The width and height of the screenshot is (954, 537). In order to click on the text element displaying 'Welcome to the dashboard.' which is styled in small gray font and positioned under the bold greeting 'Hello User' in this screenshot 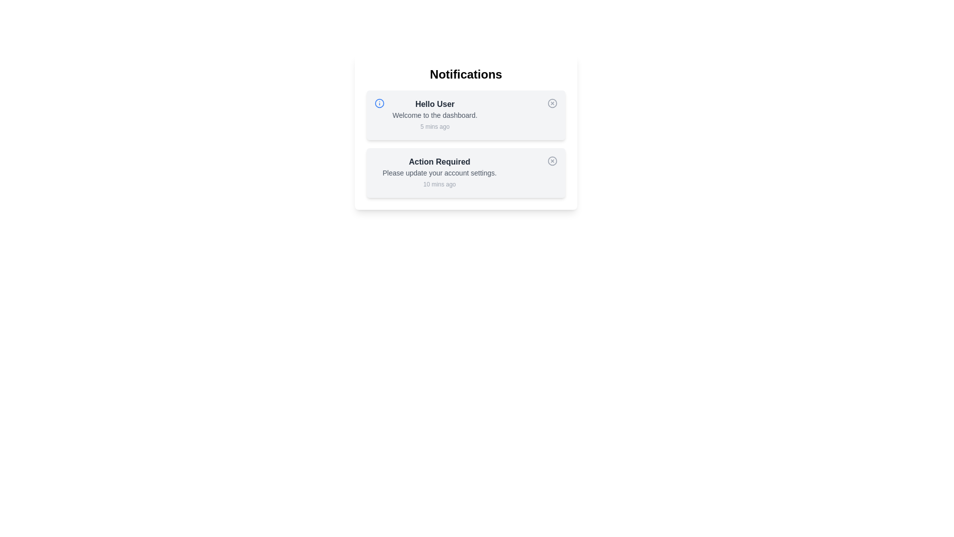, I will do `click(435, 114)`.